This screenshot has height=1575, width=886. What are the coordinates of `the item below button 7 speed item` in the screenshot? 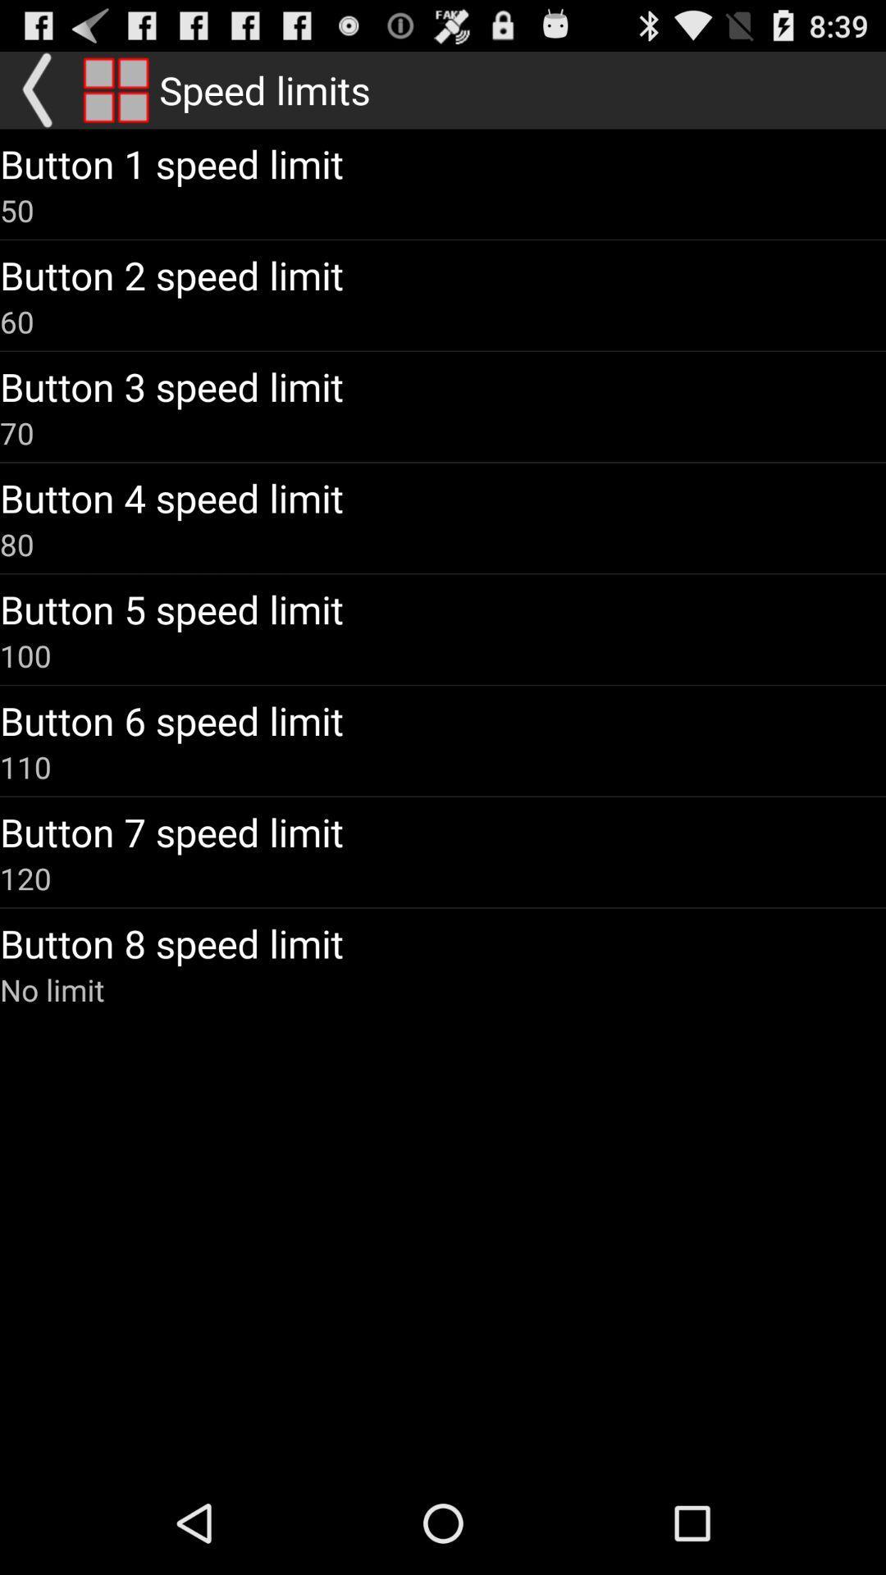 It's located at (25, 877).